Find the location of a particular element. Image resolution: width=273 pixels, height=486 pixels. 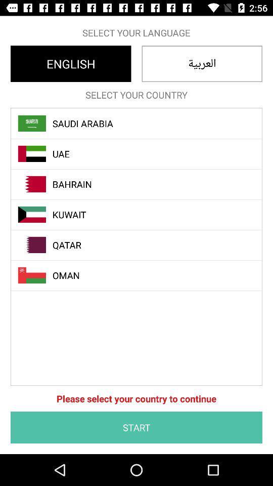

uae icon is located at coordinates (142, 154).